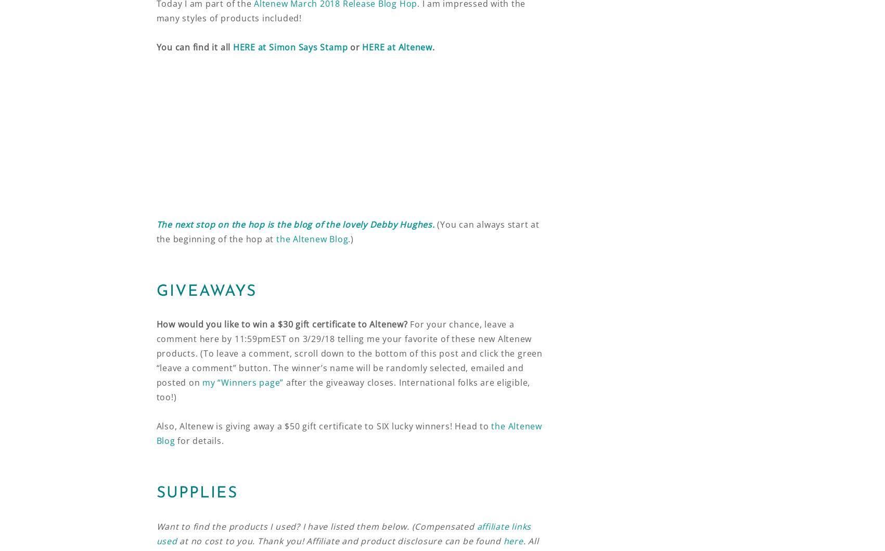 This screenshot has height=551, width=885. I want to click on 'SUPPLIES', so click(196, 493).